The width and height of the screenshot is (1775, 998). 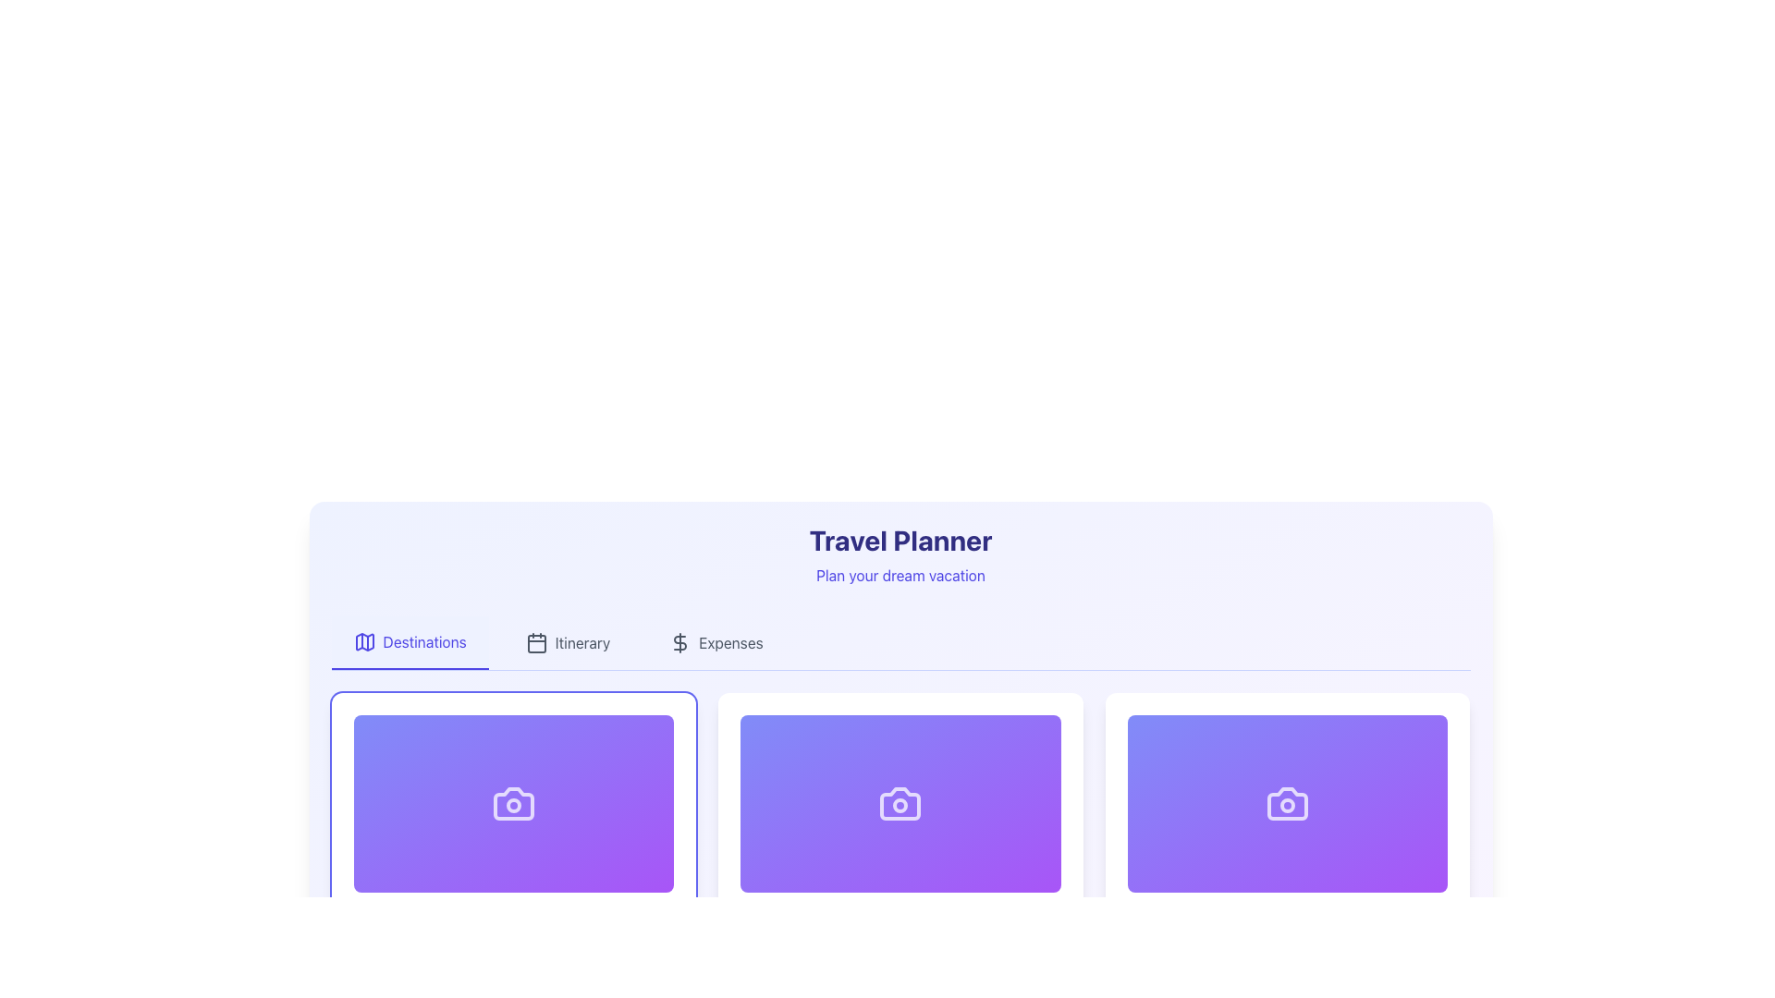 What do you see at coordinates (900, 803) in the screenshot?
I see `the camera icon in the second card from the left under the 'Travel Planner' title` at bounding box center [900, 803].